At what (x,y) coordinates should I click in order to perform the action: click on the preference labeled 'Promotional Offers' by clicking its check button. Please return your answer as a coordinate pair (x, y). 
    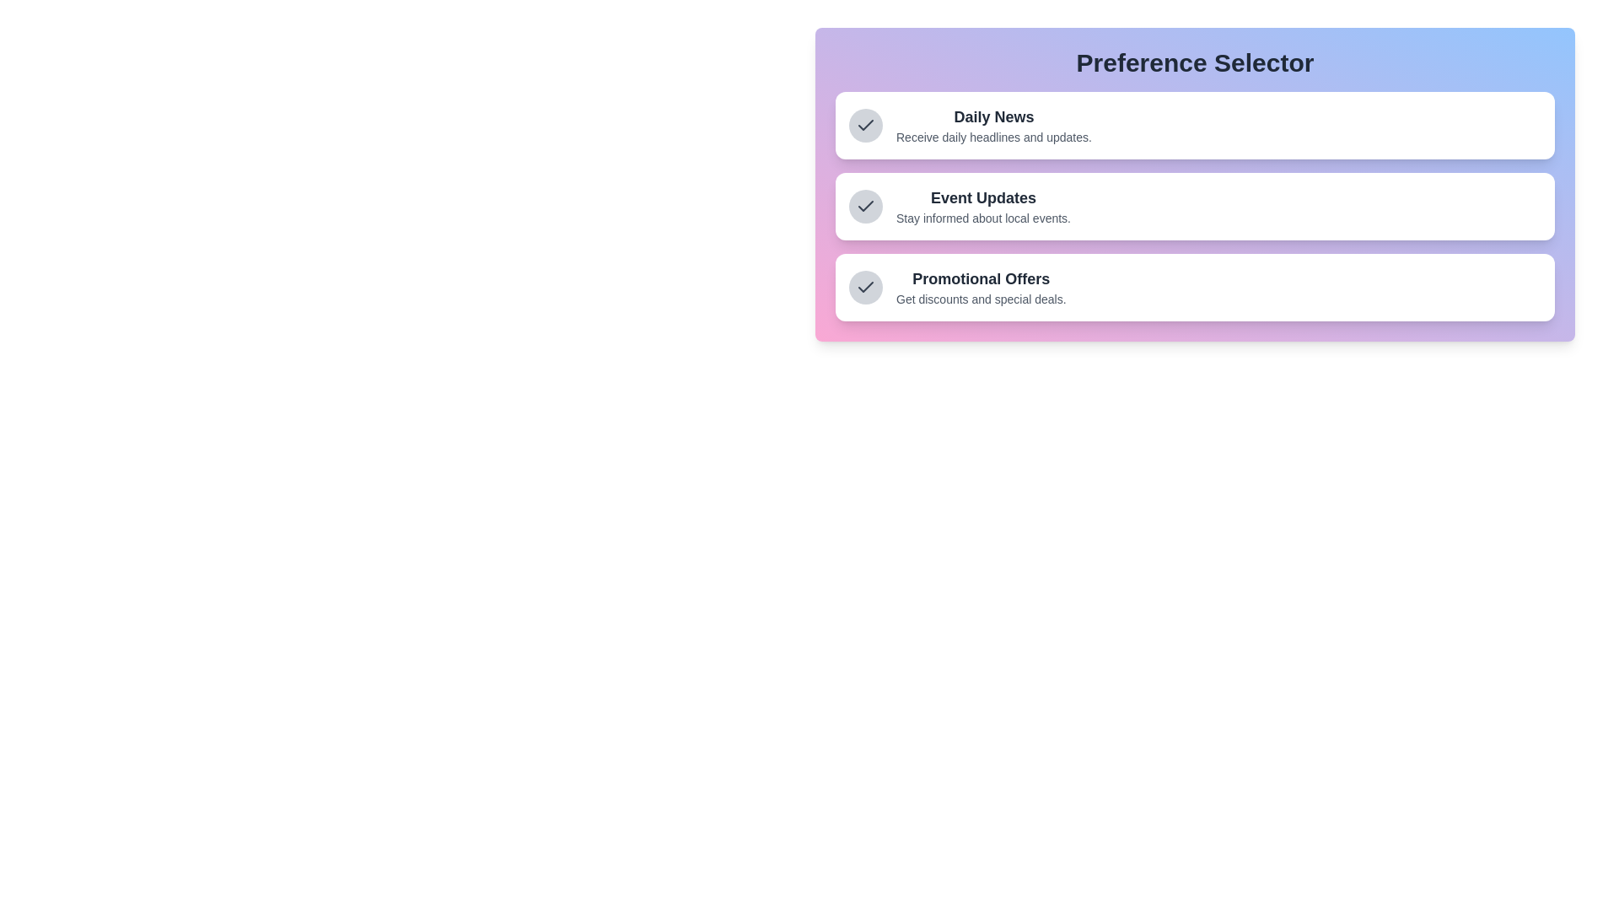
    Looking at the image, I should click on (866, 286).